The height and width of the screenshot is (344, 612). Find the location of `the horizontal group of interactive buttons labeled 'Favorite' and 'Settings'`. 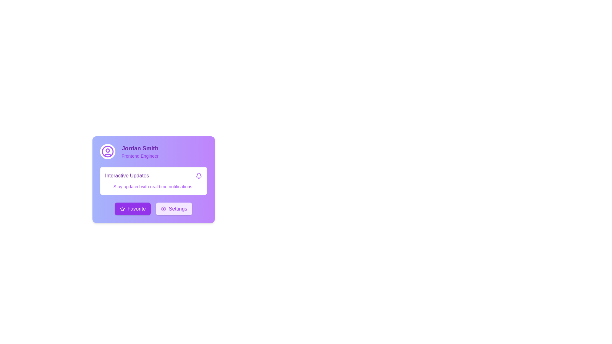

the horizontal group of interactive buttons labeled 'Favorite' and 'Settings' is located at coordinates (153, 209).